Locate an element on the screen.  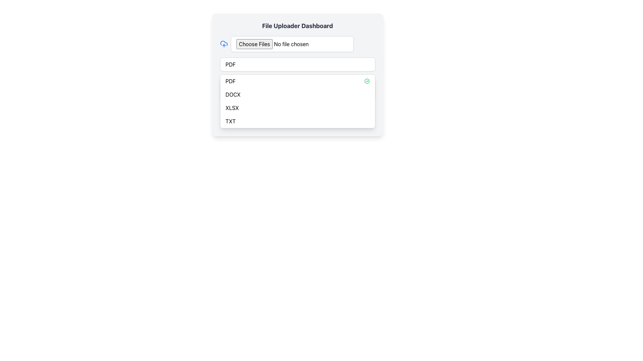
the check indicator icon that signifies the selection of the 'PDF' option, located to the far-right of the 'PDF' row in the dropdown list is located at coordinates (366, 81).